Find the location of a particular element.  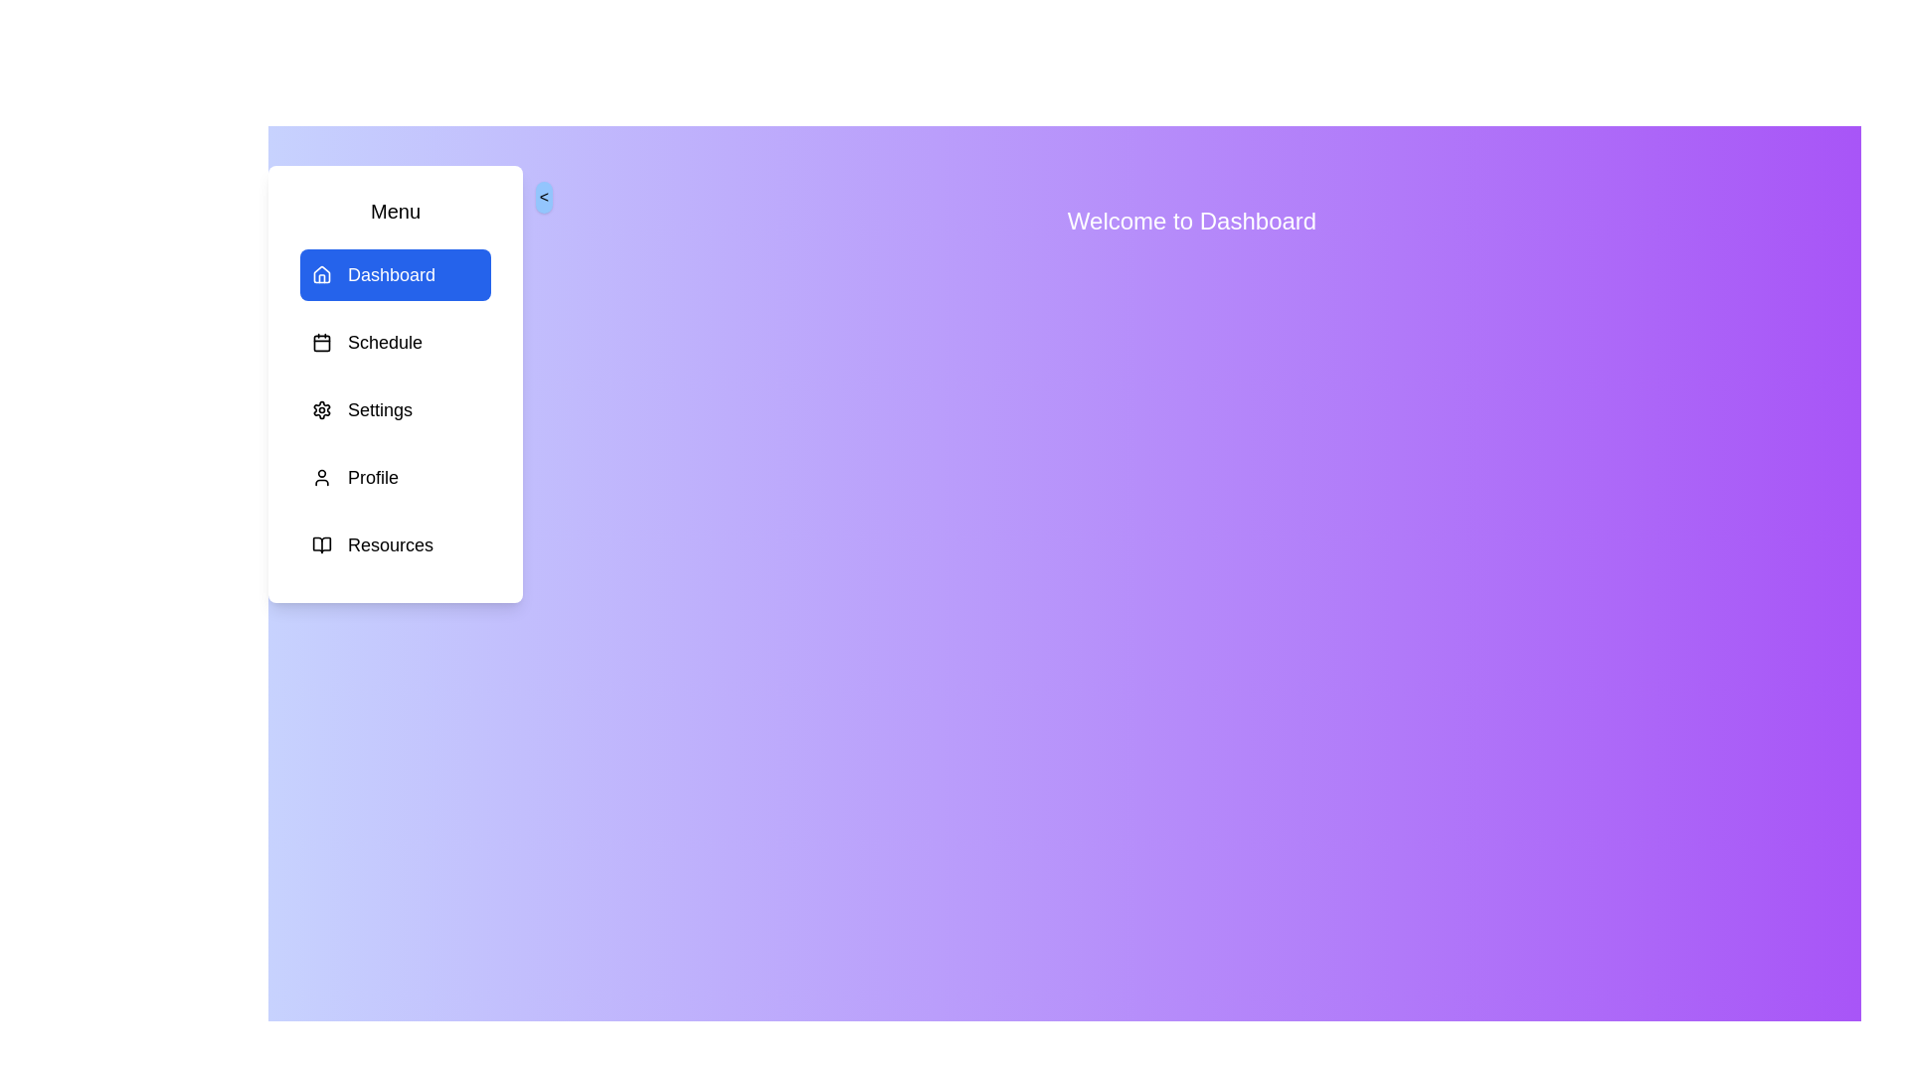

the menu item Schedule to navigate to its respective page is located at coordinates (396, 341).